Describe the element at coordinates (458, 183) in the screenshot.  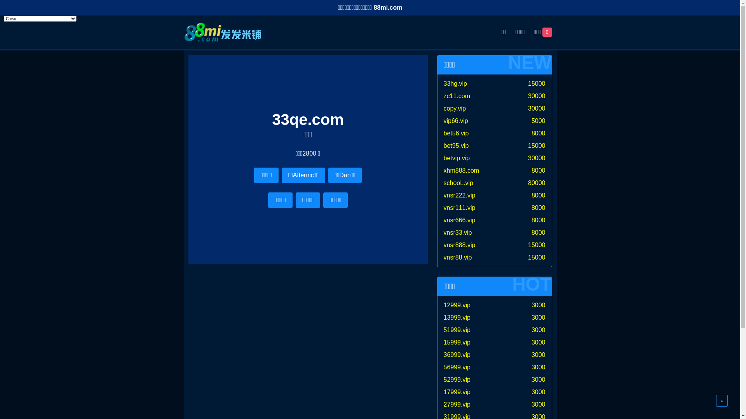
I see `'schooL.vip'` at that location.